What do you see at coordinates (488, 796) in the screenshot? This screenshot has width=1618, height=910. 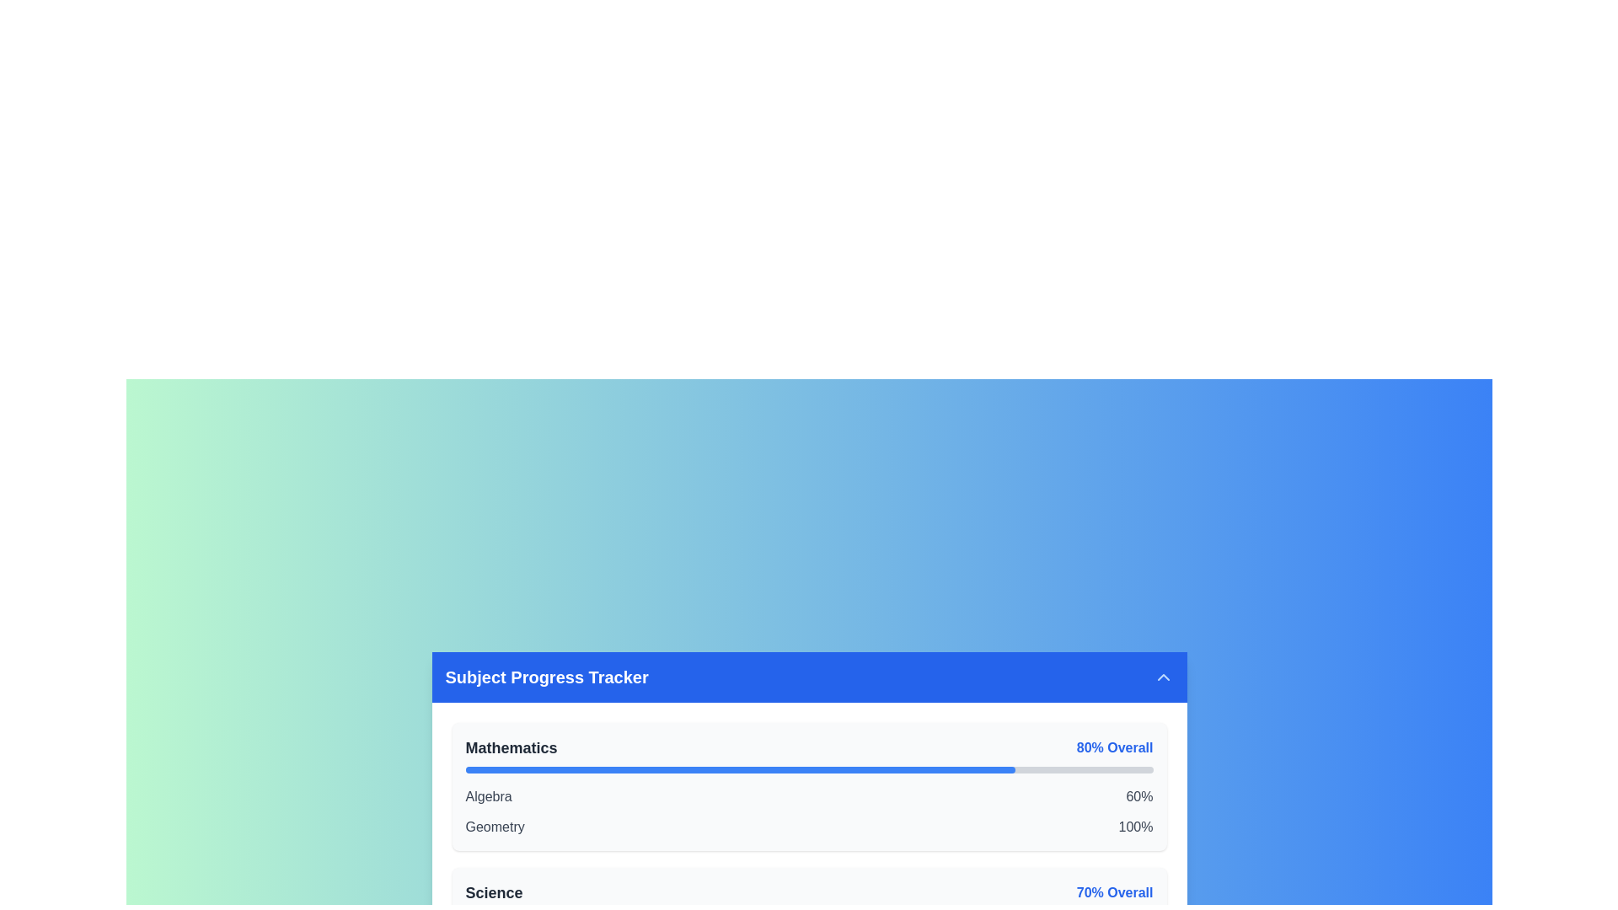 I see `text label 'Algebra' which serves as a title for the subject category within the Subject Progress Tracker module` at bounding box center [488, 796].